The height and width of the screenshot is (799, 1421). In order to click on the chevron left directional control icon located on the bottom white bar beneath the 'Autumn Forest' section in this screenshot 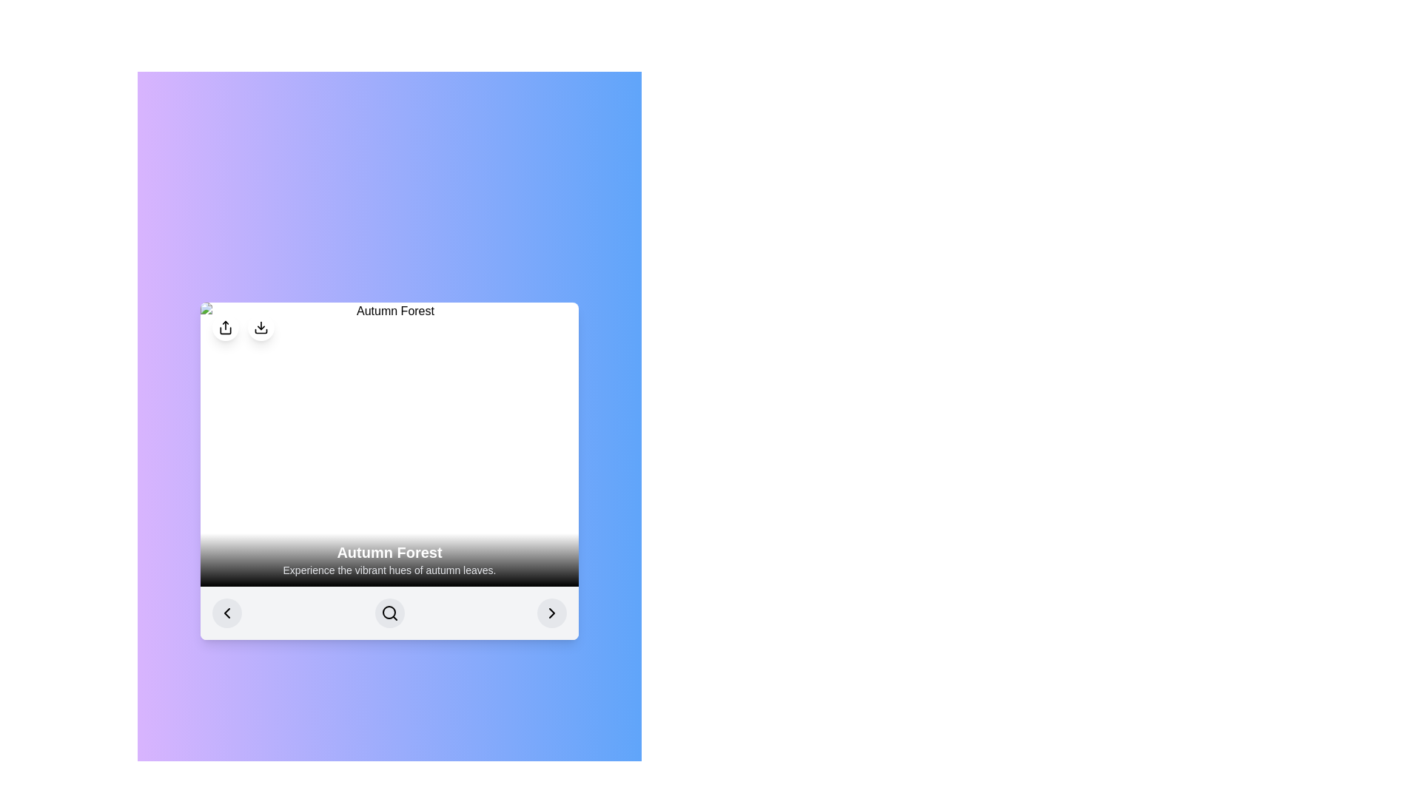, I will do `click(226, 613)`.